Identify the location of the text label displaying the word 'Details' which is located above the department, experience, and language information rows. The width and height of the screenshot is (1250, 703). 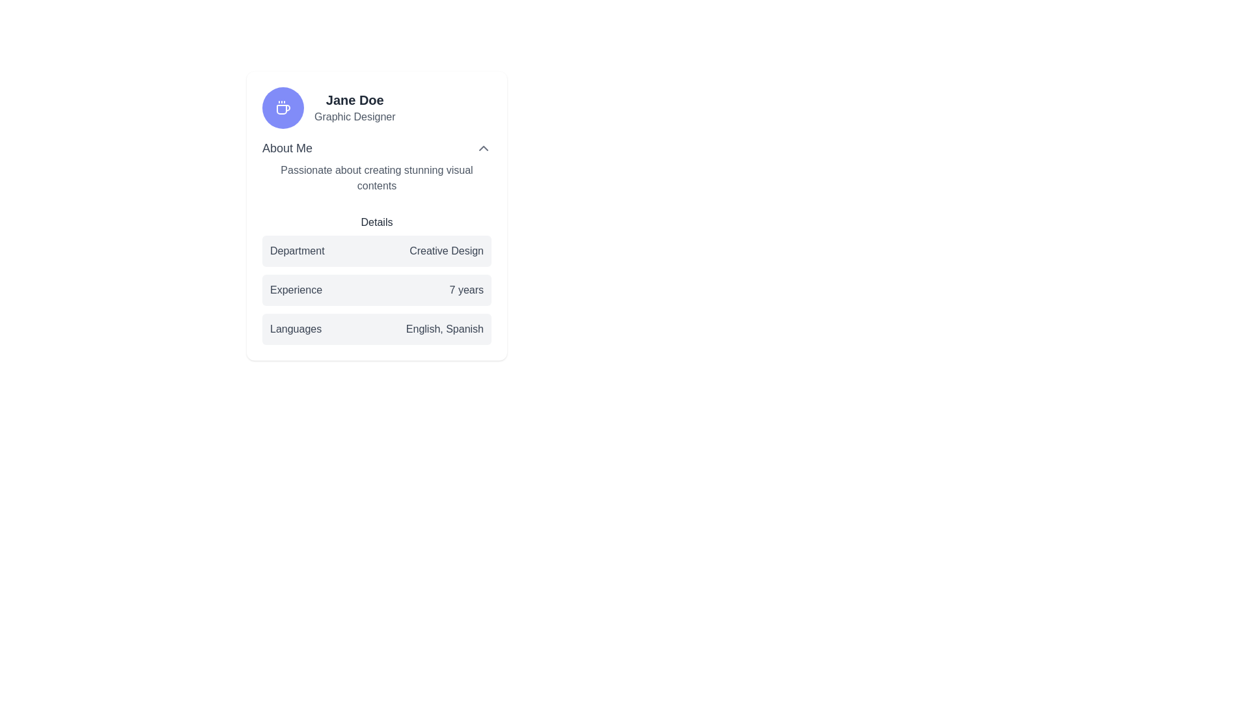
(376, 222).